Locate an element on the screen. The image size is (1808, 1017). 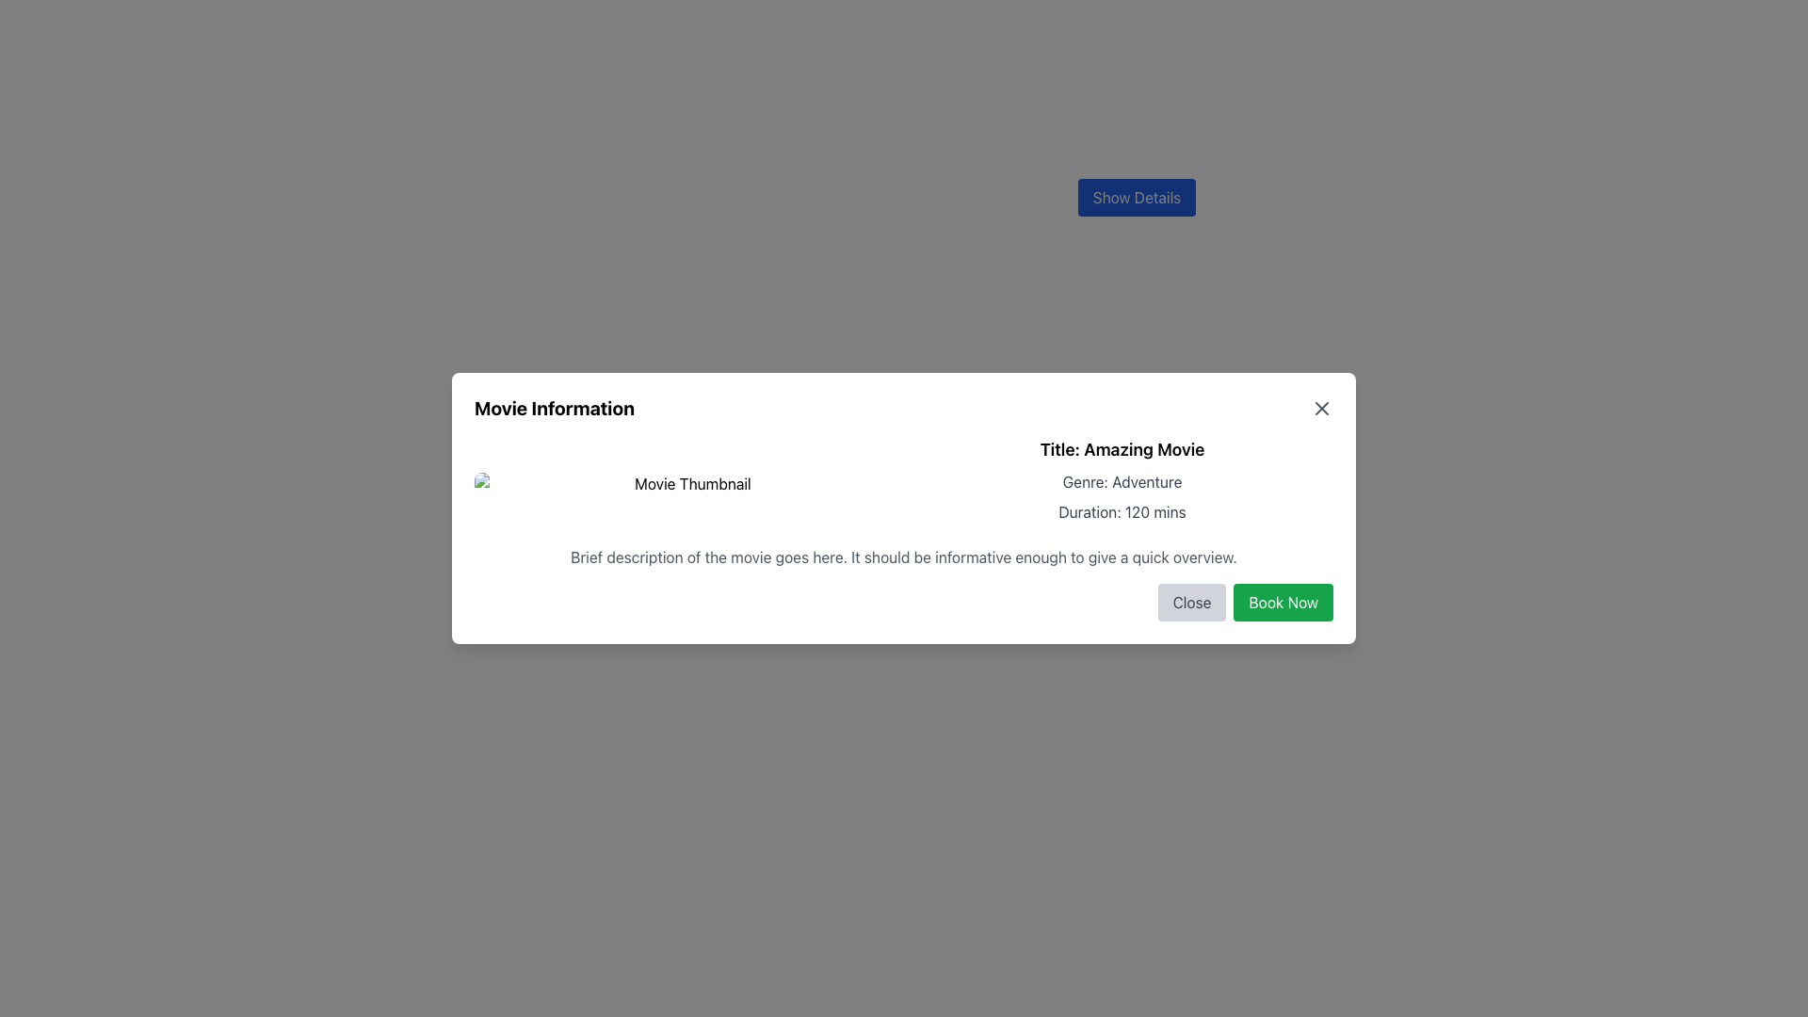
the static text label displaying 'Genre: Adventure' which is part of the movie metadata, located in the upper-right section of the modal dialog is located at coordinates (1122, 481).